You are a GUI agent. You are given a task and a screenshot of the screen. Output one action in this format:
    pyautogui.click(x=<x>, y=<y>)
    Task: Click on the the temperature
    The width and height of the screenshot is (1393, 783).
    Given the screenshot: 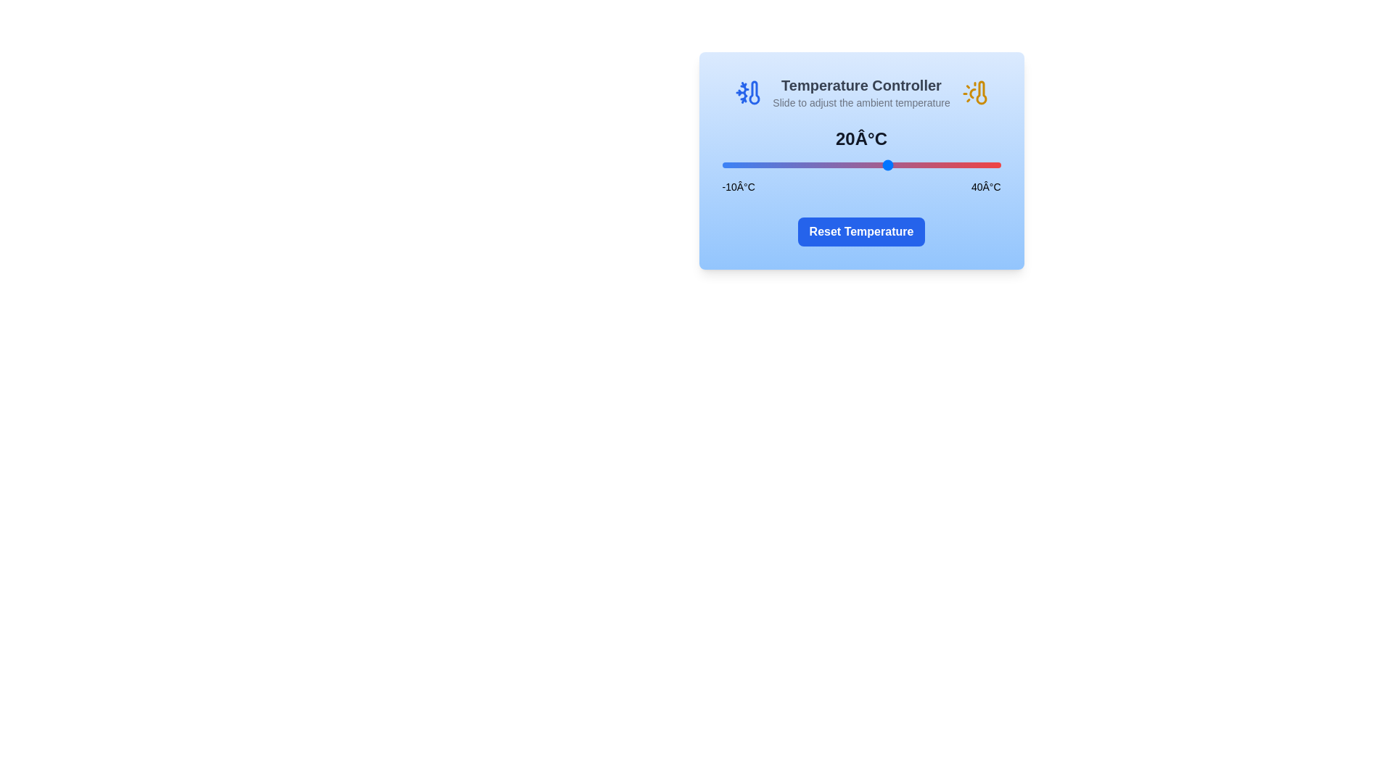 What is the action you would take?
    pyautogui.click(x=961, y=164)
    